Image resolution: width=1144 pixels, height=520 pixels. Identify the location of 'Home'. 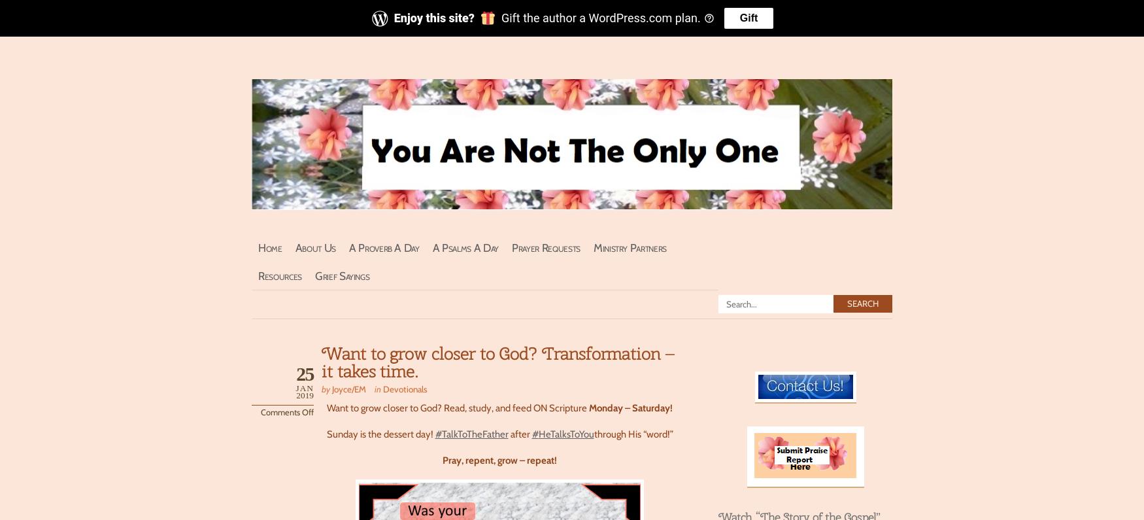
(269, 247).